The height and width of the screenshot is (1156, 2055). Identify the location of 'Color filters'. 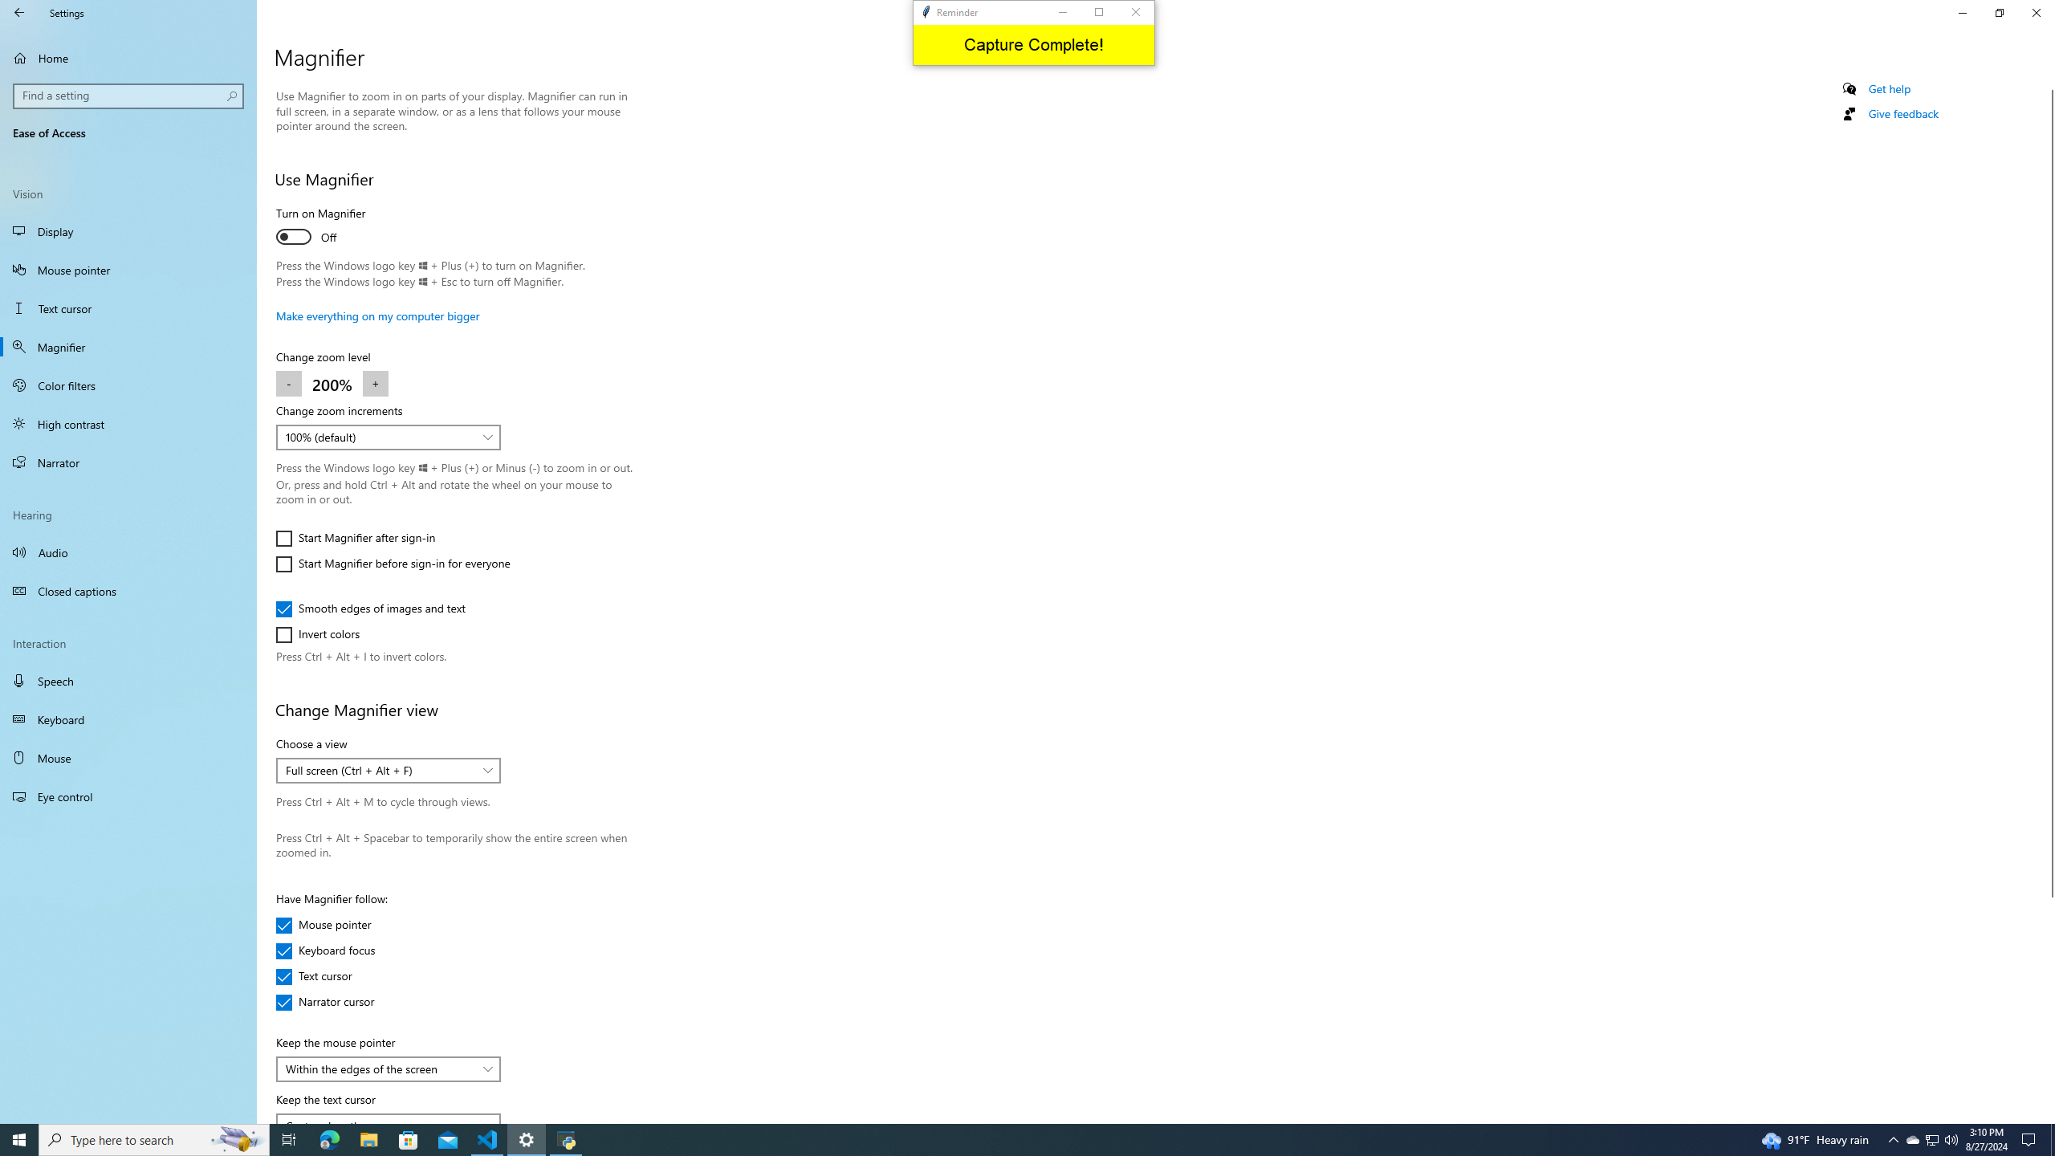
(128, 385).